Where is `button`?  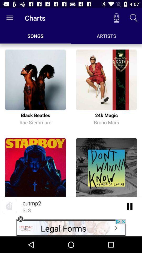
button is located at coordinates (20, 219).